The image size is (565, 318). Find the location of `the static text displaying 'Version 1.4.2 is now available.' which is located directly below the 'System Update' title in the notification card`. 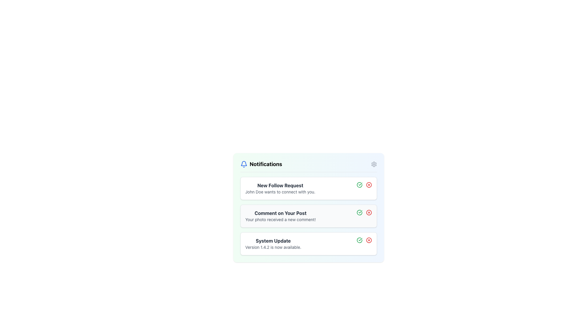

the static text displaying 'Version 1.4.2 is now available.' which is located directly below the 'System Update' title in the notification card is located at coordinates (273, 247).